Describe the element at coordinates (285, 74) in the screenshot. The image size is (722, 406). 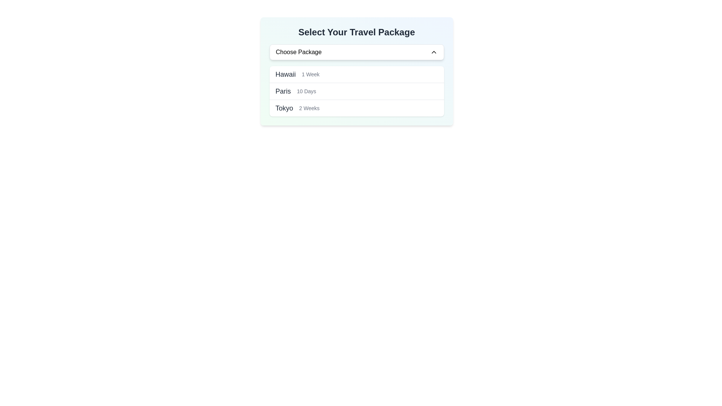
I see `the text label indicating the destination 'Hawaii', which is styled in a larger font size and dark gray color, located within the first option of the list under 'Select Your Travel Package'` at that location.